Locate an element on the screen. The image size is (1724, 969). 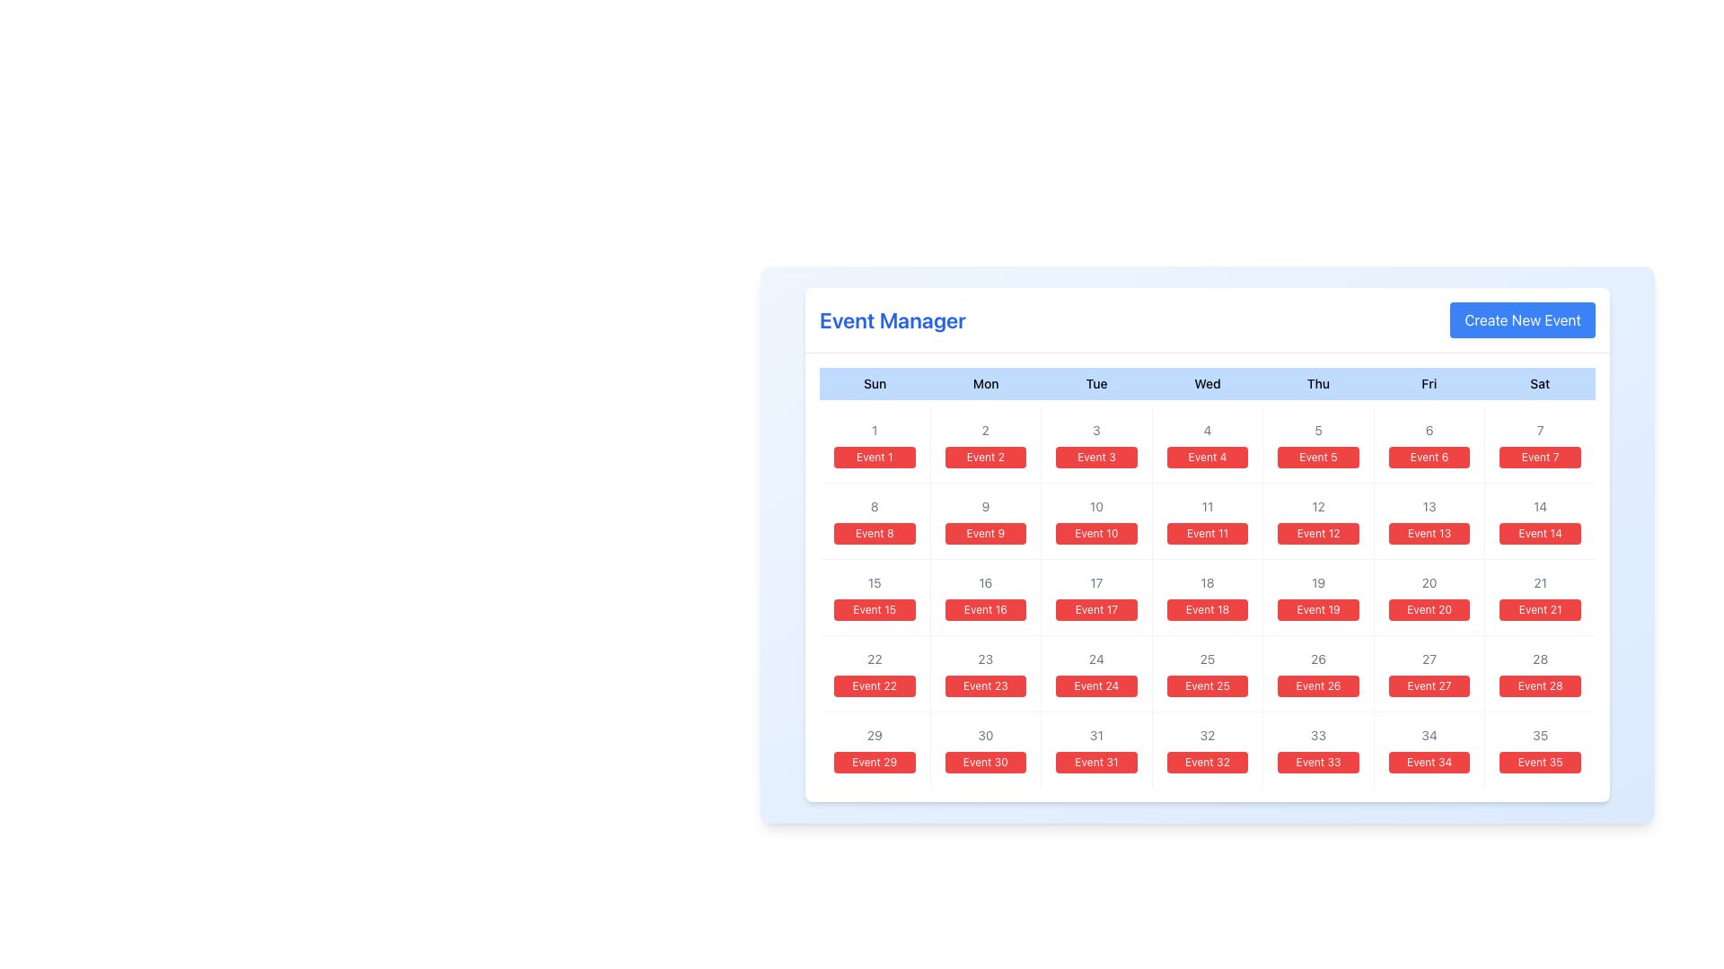
the static text displaying the number '1' in light gray color, positioned above the red 'Event 1' button in the calendar layout is located at coordinates (875, 430).